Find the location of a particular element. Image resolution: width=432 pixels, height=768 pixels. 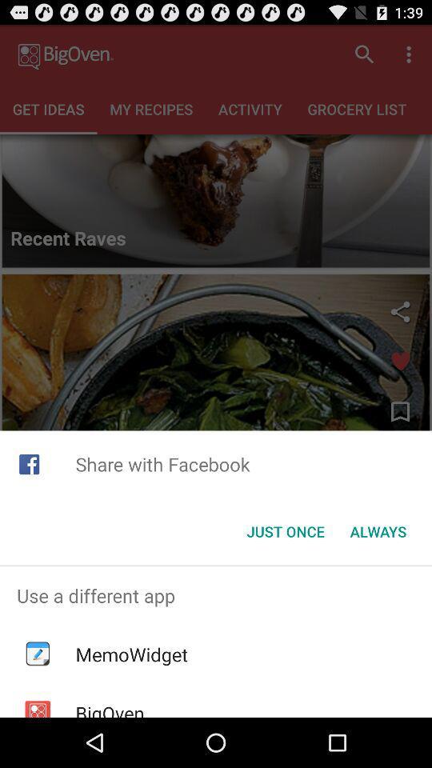

the just once icon is located at coordinates (285, 531).